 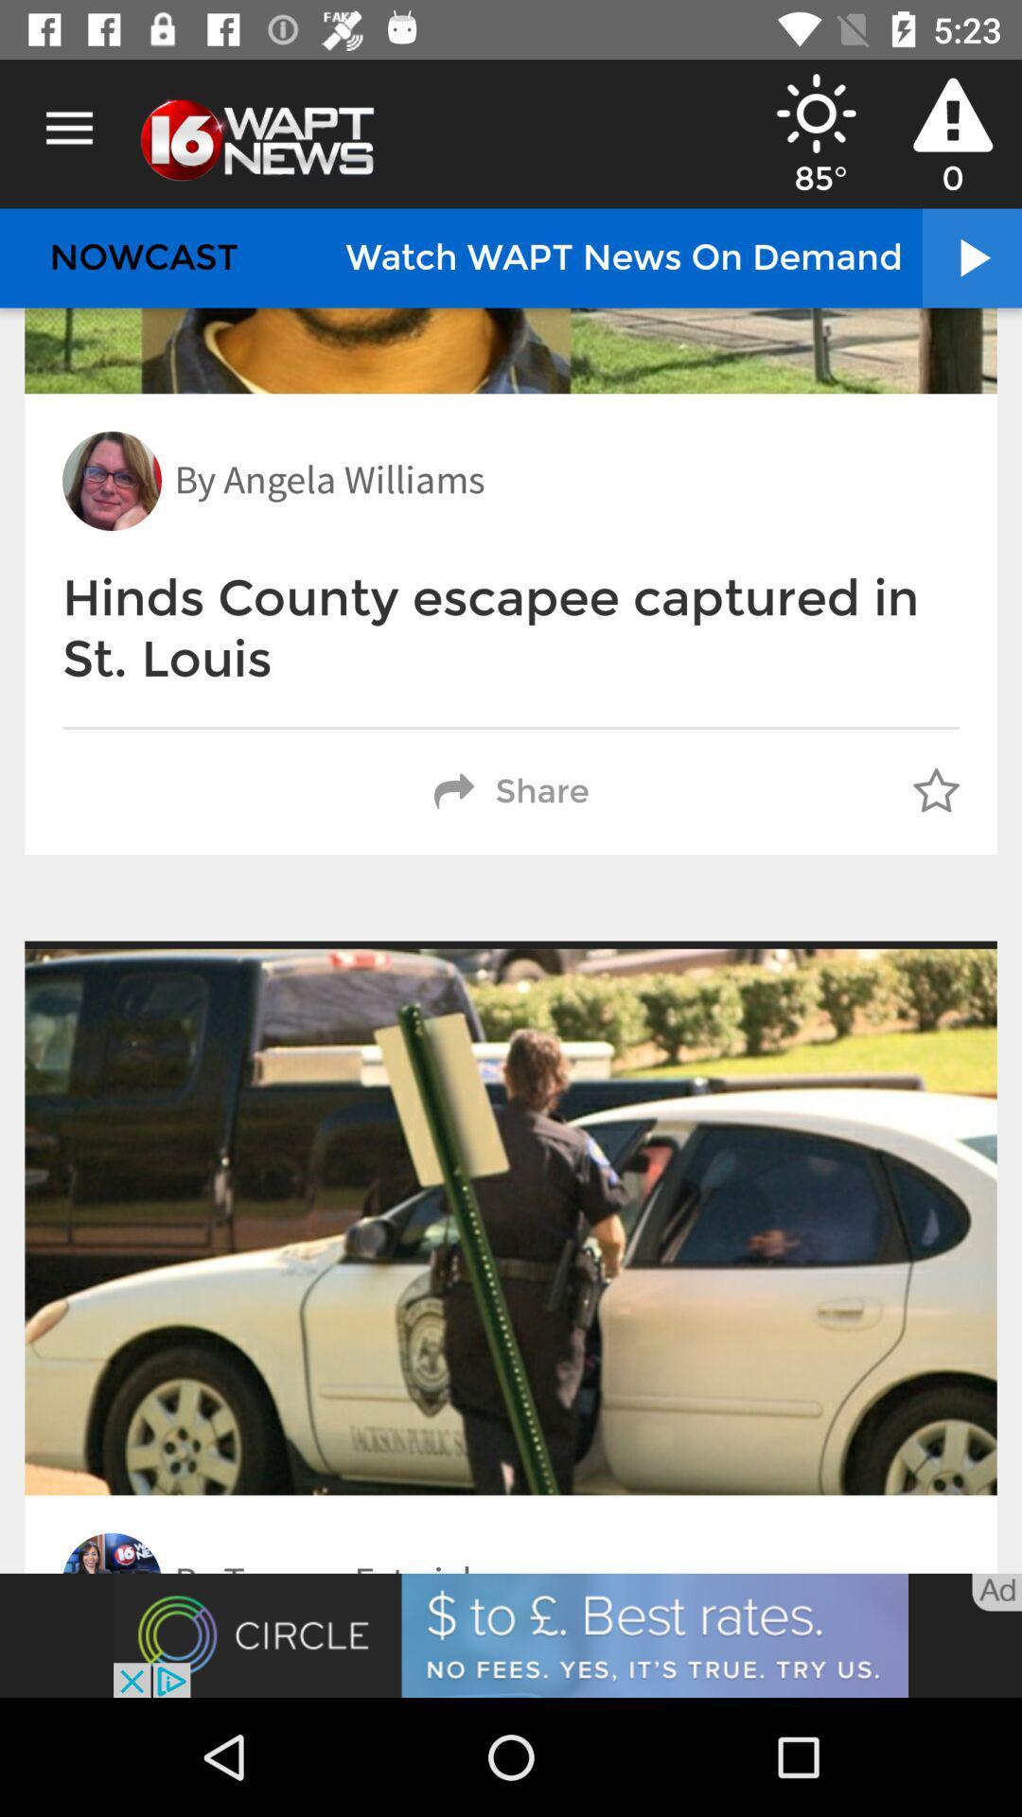 What do you see at coordinates (511, 1634) in the screenshot?
I see `advertisement` at bounding box center [511, 1634].